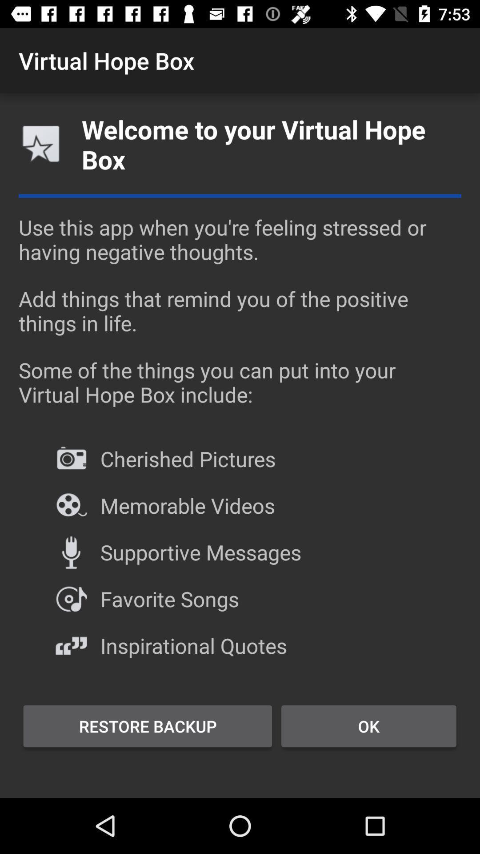  I want to click on icon below inspirational quotes icon, so click(368, 726).